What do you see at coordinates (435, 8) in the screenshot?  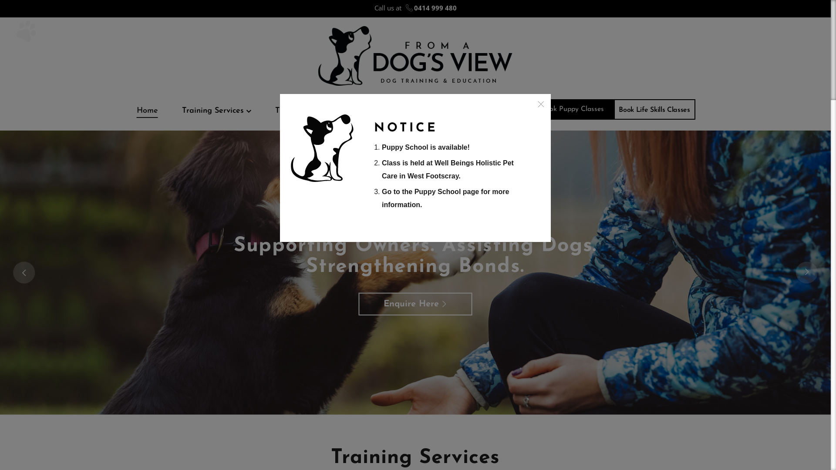 I see `'0414 999 480'` at bounding box center [435, 8].